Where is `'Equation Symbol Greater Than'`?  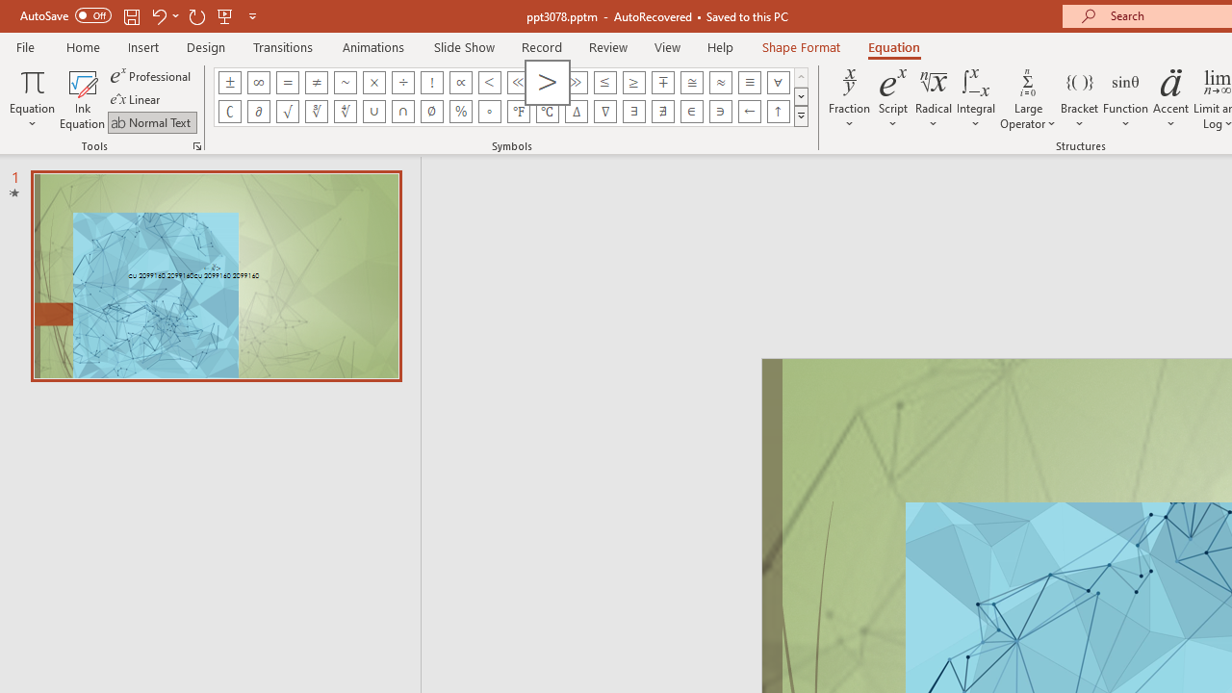 'Equation Symbol Greater Than' is located at coordinates (546, 82).